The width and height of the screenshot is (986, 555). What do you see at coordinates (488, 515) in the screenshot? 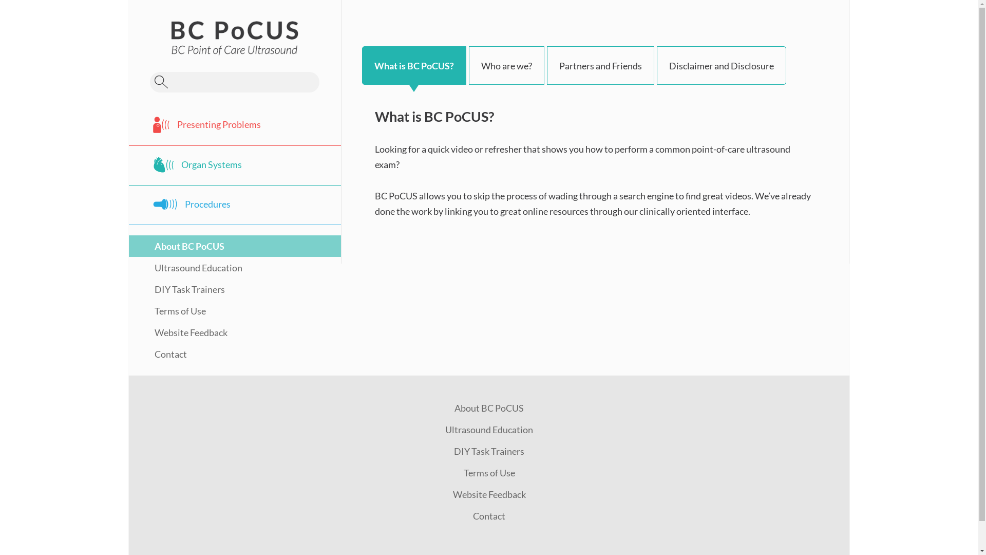
I see `'Contact'` at bounding box center [488, 515].